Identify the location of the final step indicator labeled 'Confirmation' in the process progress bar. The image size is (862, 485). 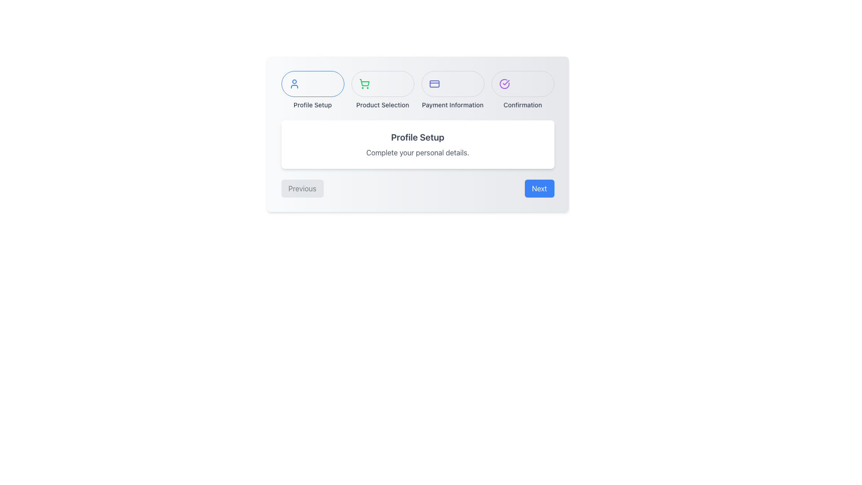
(523, 90).